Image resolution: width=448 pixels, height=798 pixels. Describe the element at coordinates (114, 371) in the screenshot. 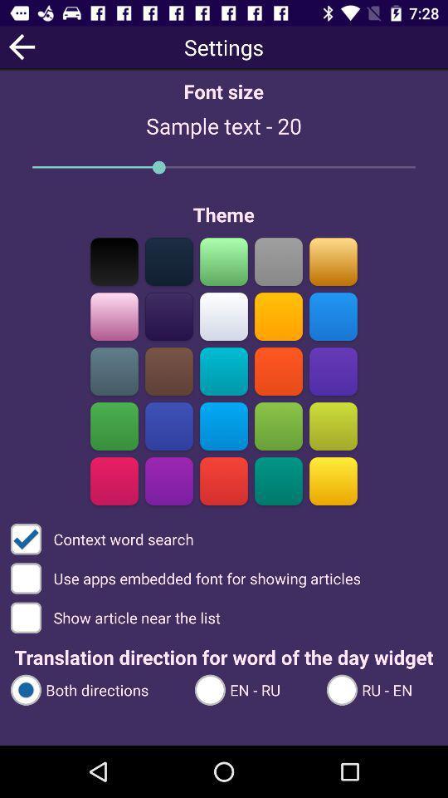

I see `gray` at that location.